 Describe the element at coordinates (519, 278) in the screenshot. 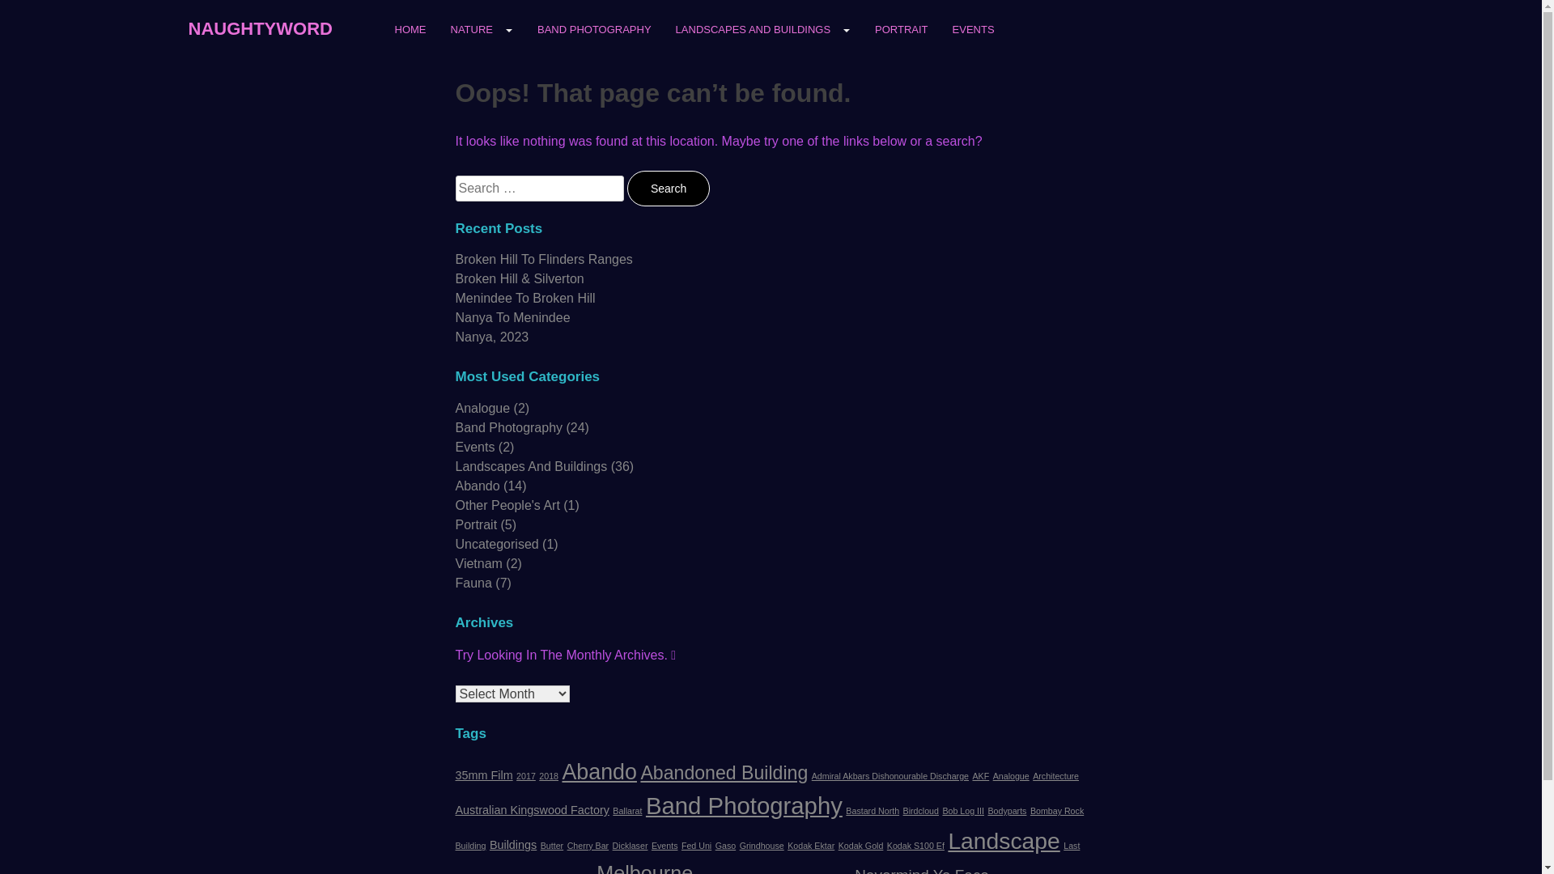

I see `'Broken Hill & Silverton'` at that location.